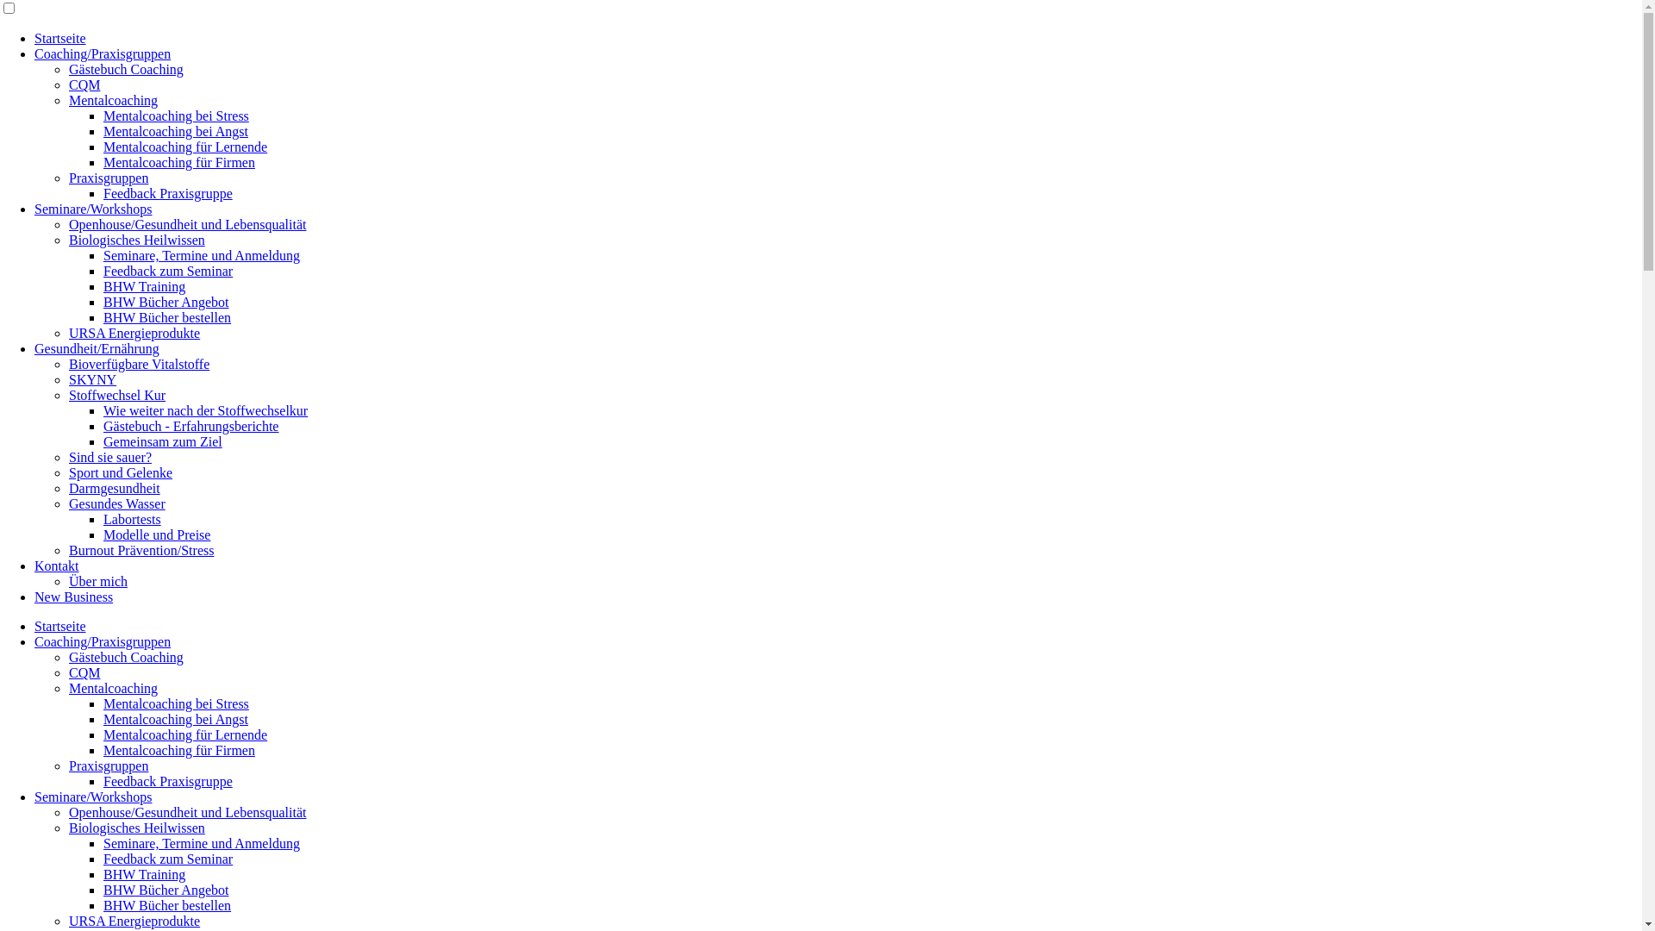 This screenshot has width=1655, height=931. Describe the element at coordinates (157, 534) in the screenshot. I see `'Modelle und Preise'` at that location.